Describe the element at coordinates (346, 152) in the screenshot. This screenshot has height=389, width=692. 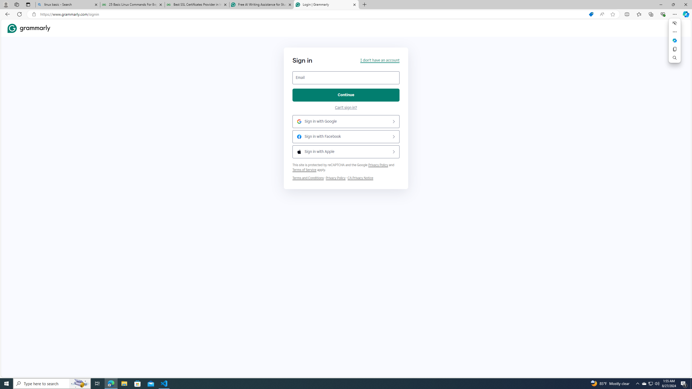
I see `'Sign in with Apple'` at that location.